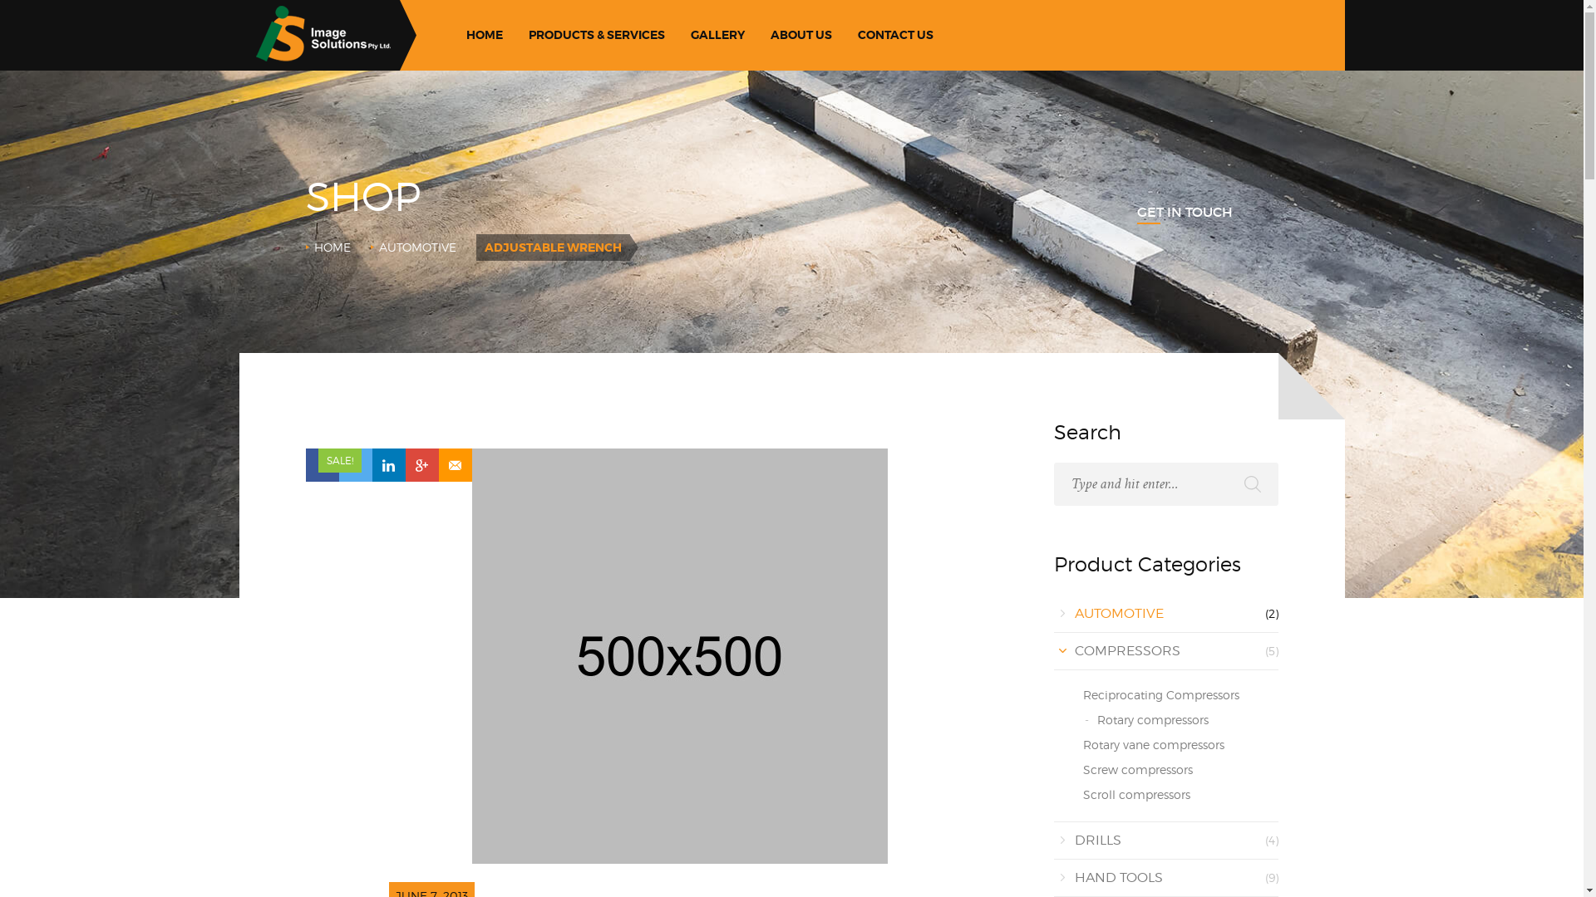 This screenshot has height=897, width=1596. What do you see at coordinates (1160, 694) in the screenshot?
I see `'Reciprocating Compressors'` at bounding box center [1160, 694].